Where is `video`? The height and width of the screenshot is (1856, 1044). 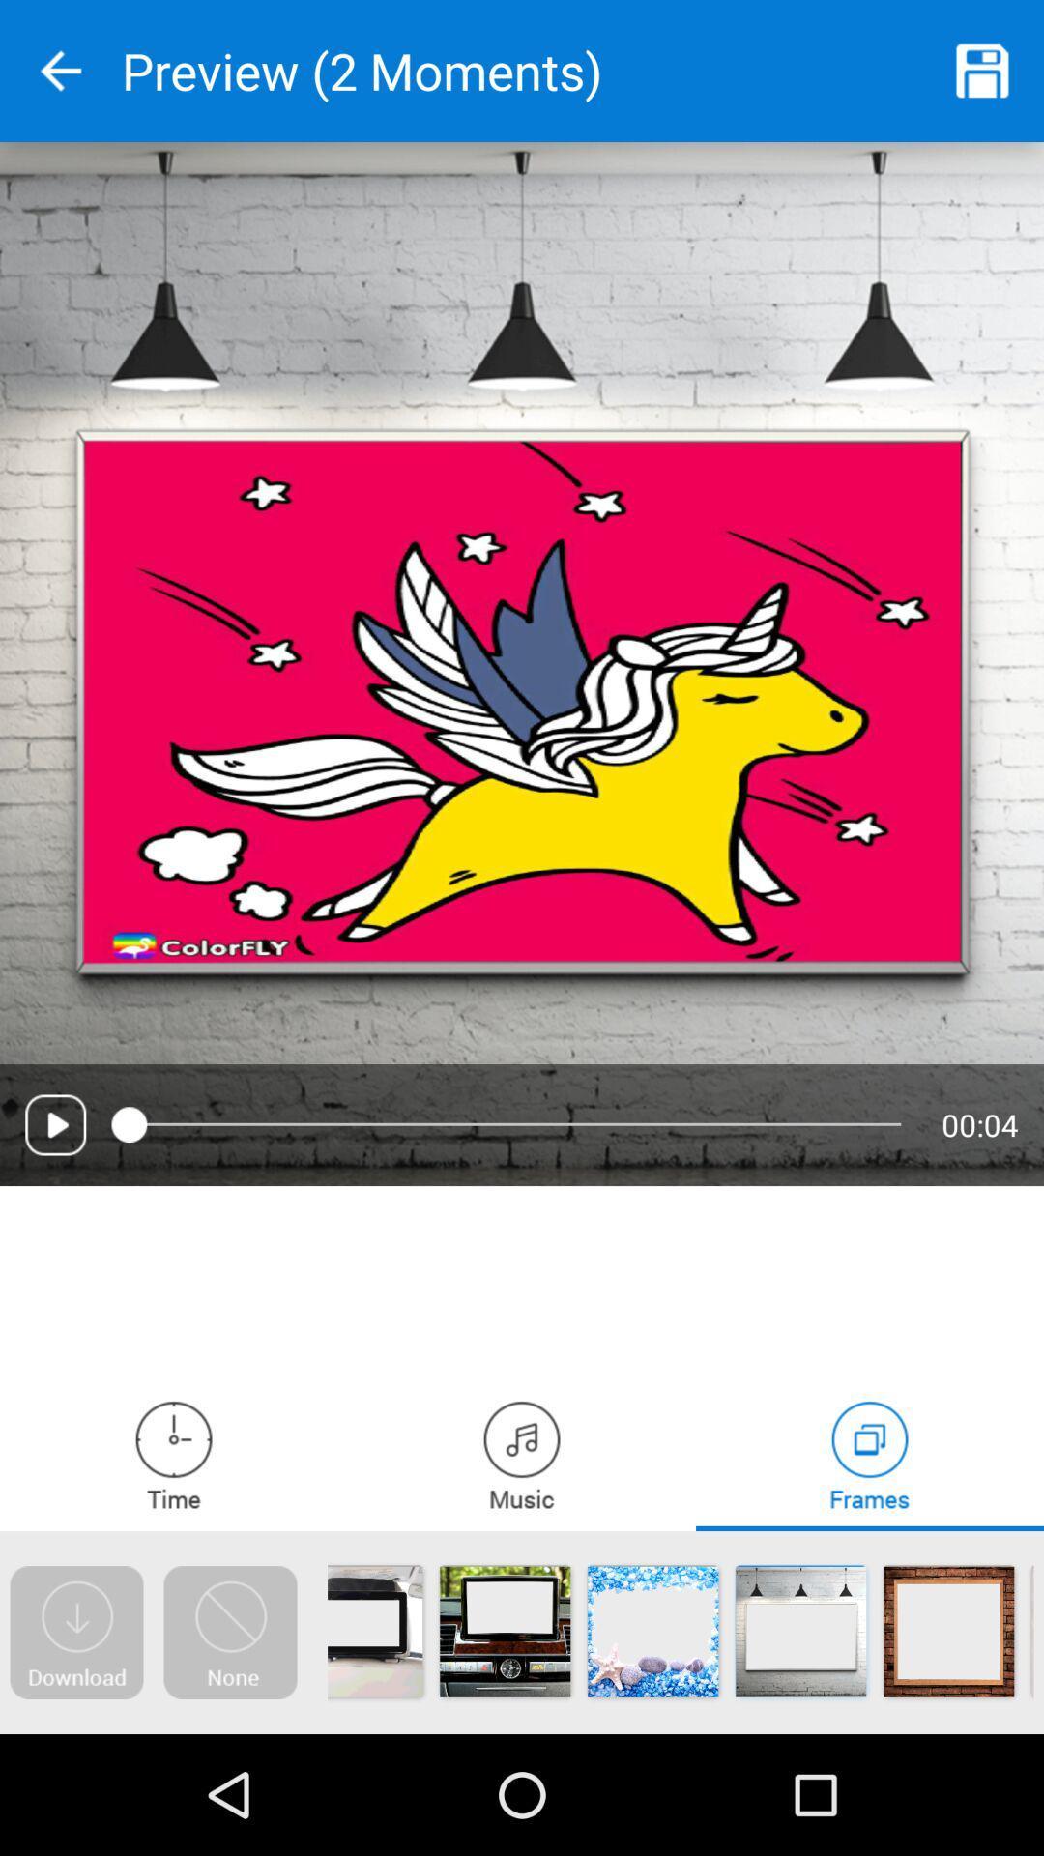 video is located at coordinates (54, 1124).